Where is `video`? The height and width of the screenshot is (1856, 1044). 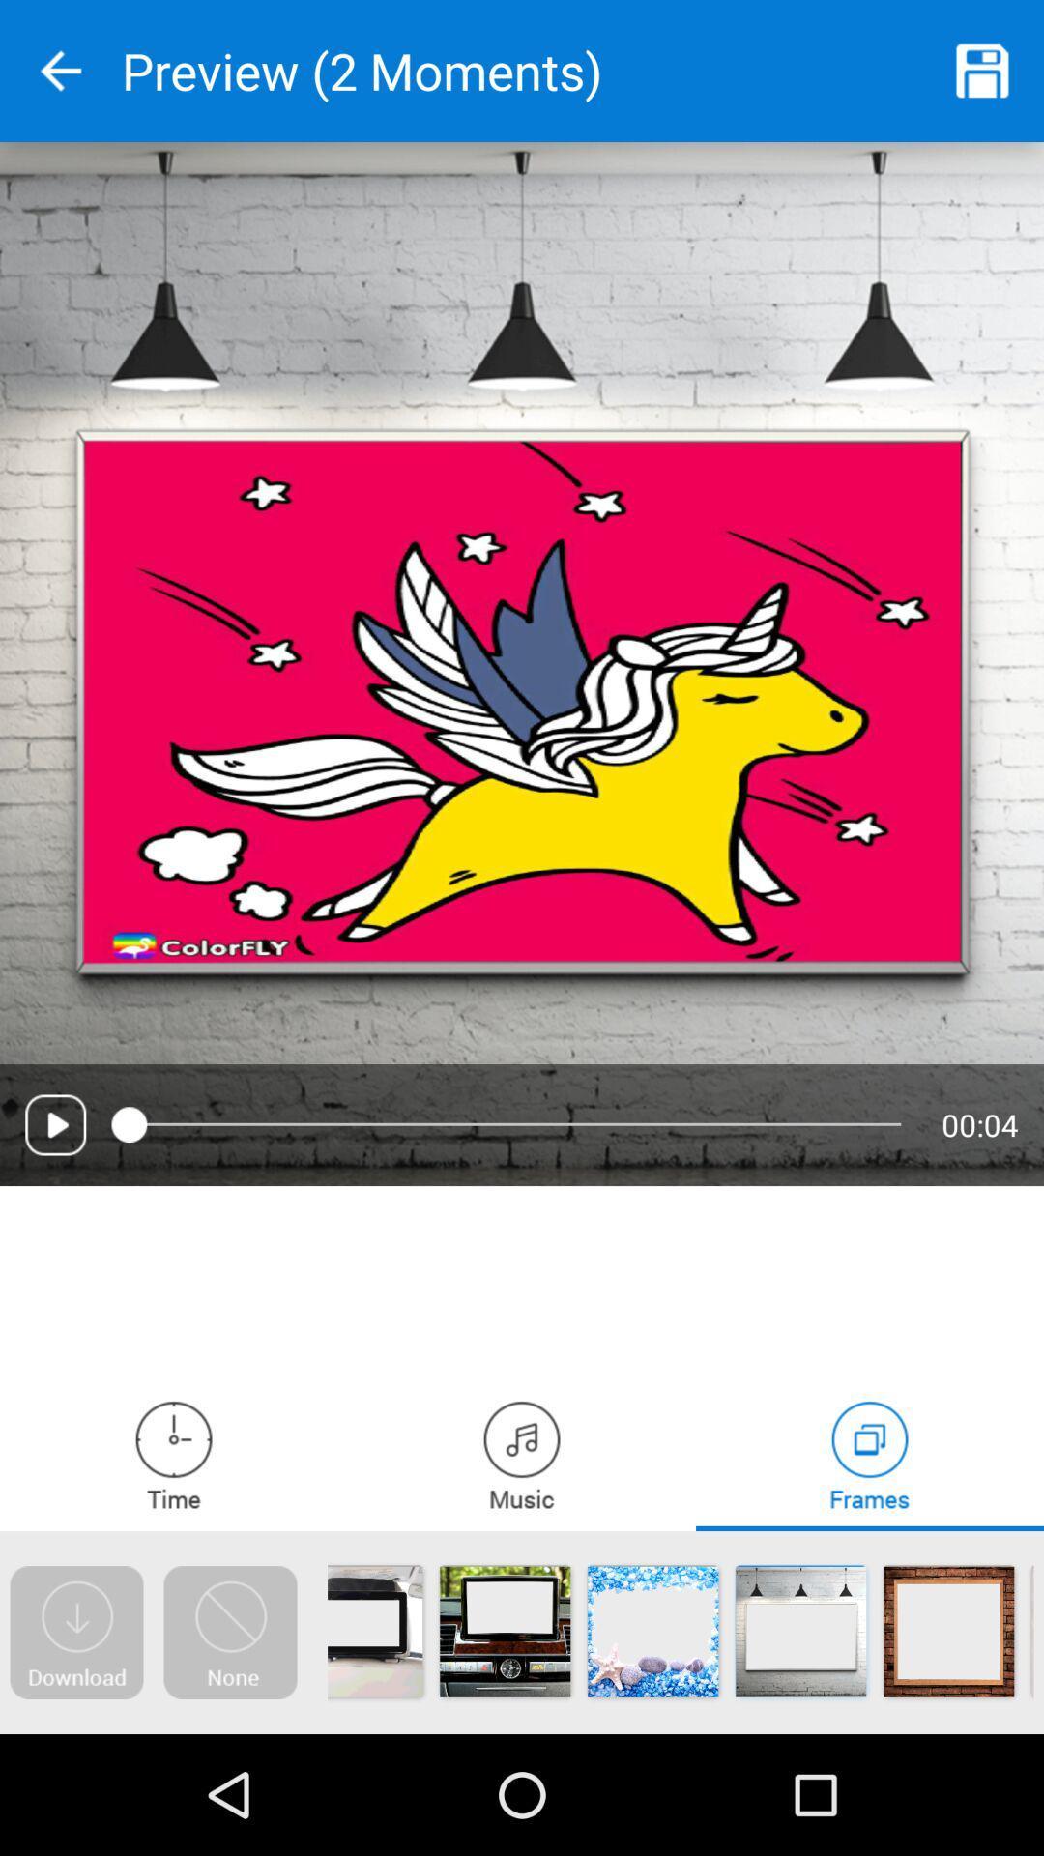 video is located at coordinates (54, 1124).